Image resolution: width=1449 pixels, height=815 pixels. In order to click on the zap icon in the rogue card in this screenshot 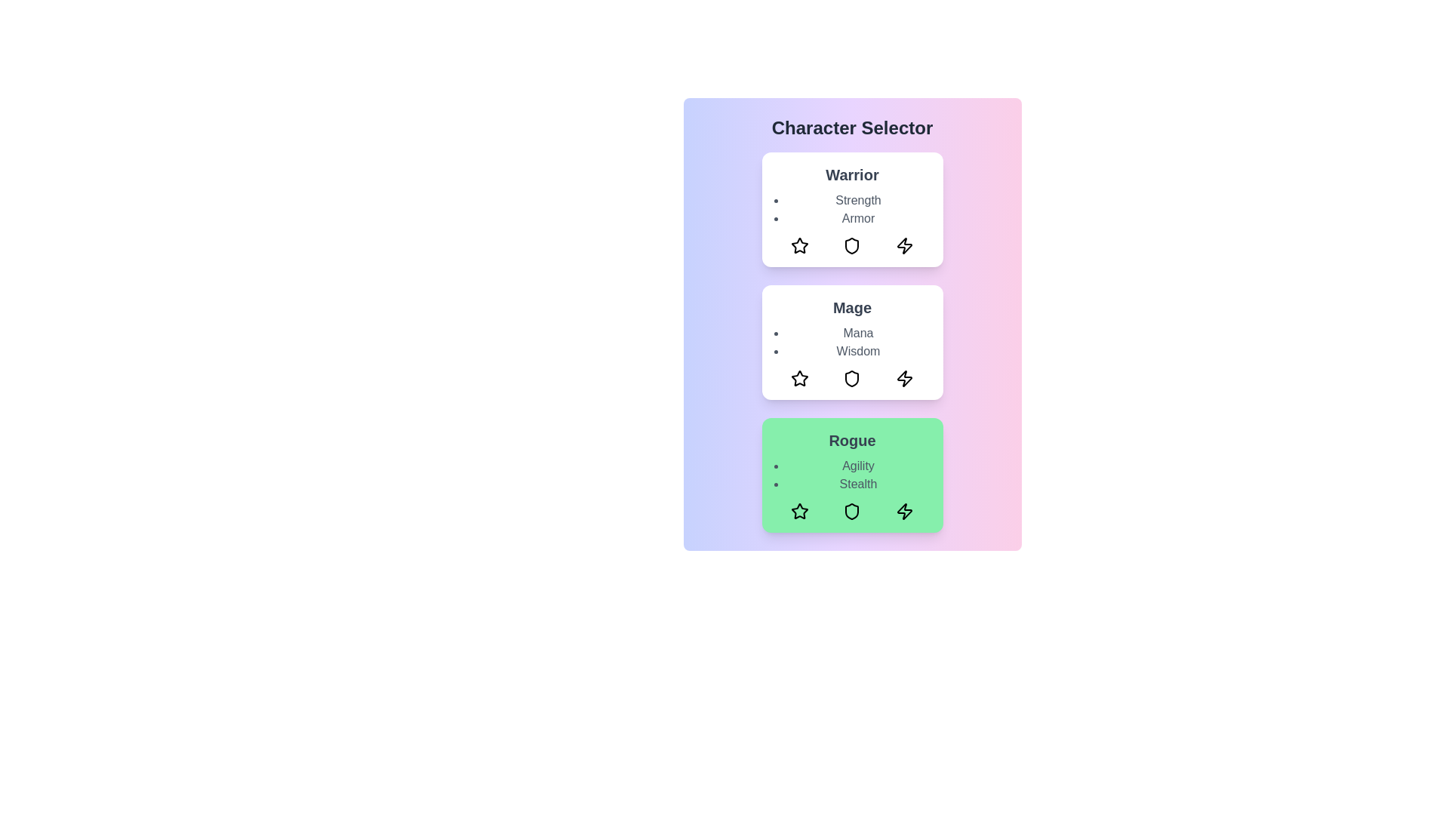, I will do `click(904, 511)`.